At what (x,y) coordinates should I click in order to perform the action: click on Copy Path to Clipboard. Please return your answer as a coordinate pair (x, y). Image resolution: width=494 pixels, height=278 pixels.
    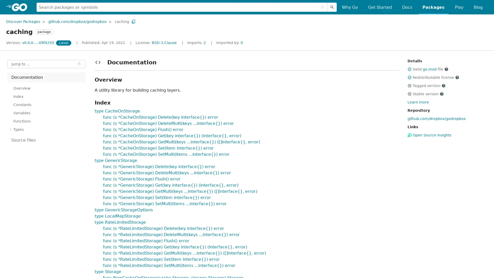
    Looking at the image, I should click on (133, 21).